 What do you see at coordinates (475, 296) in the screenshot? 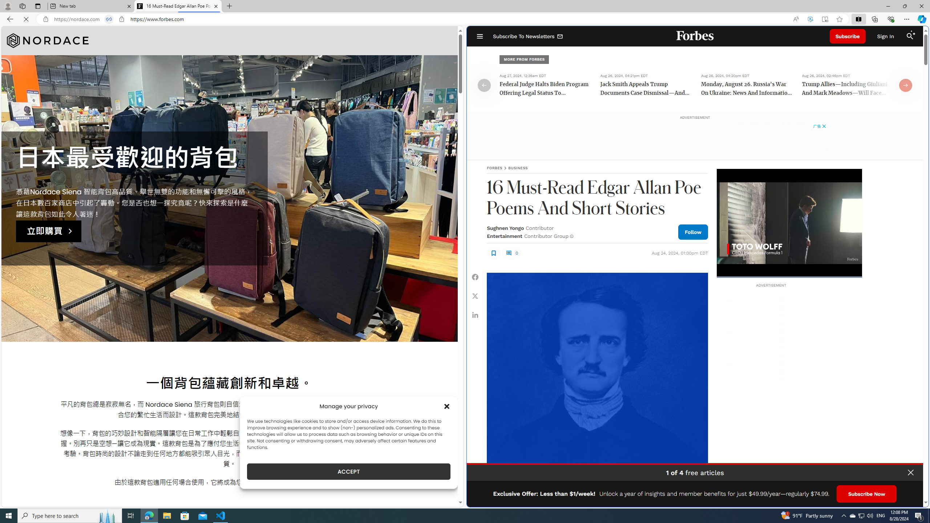
I see `'Share Twitter'` at bounding box center [475, 296].